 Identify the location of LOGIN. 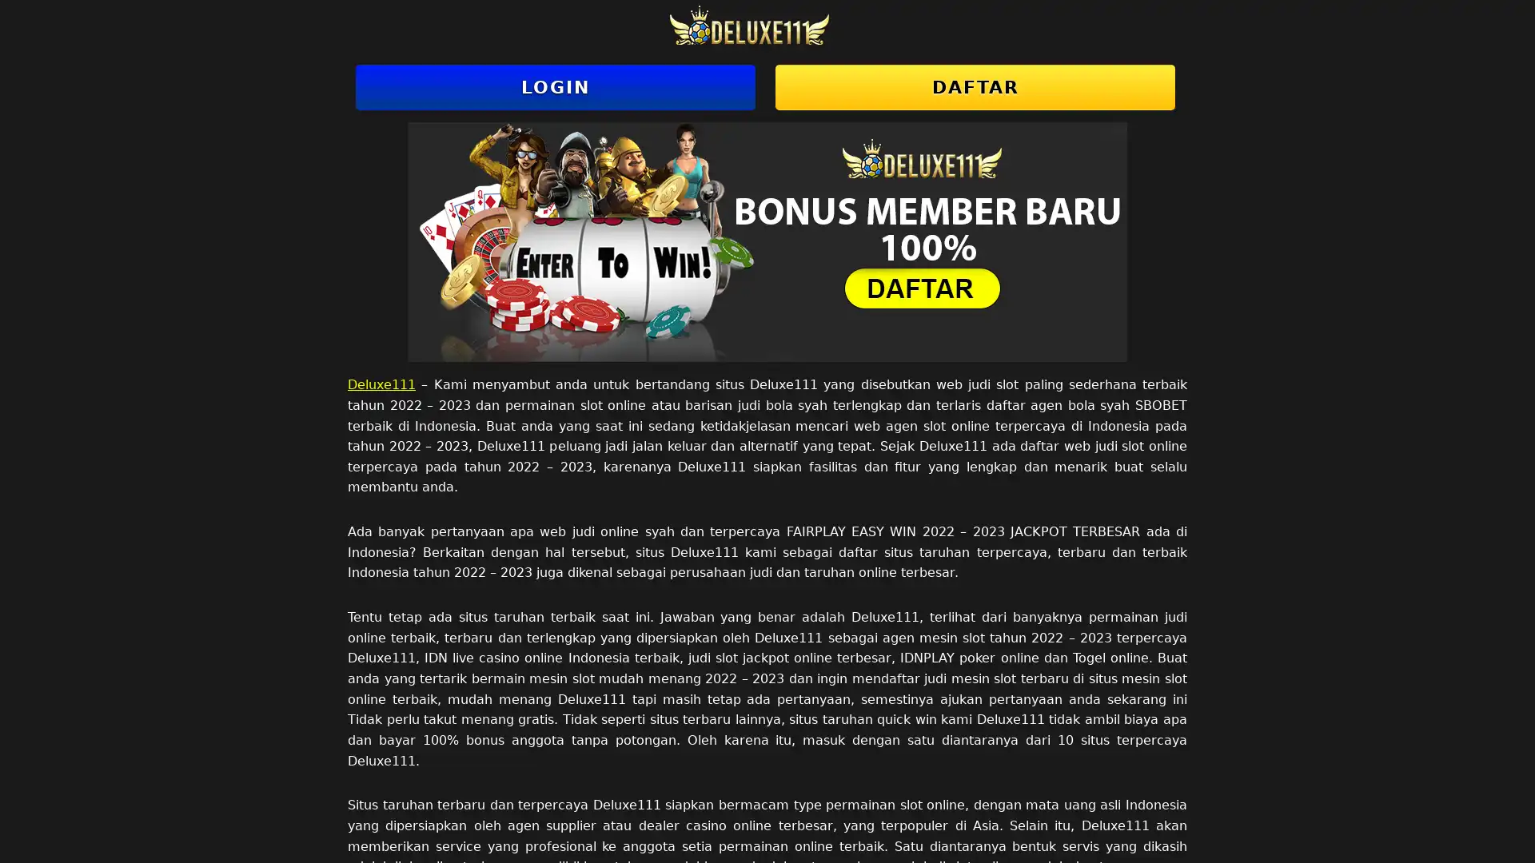
(556, 87).